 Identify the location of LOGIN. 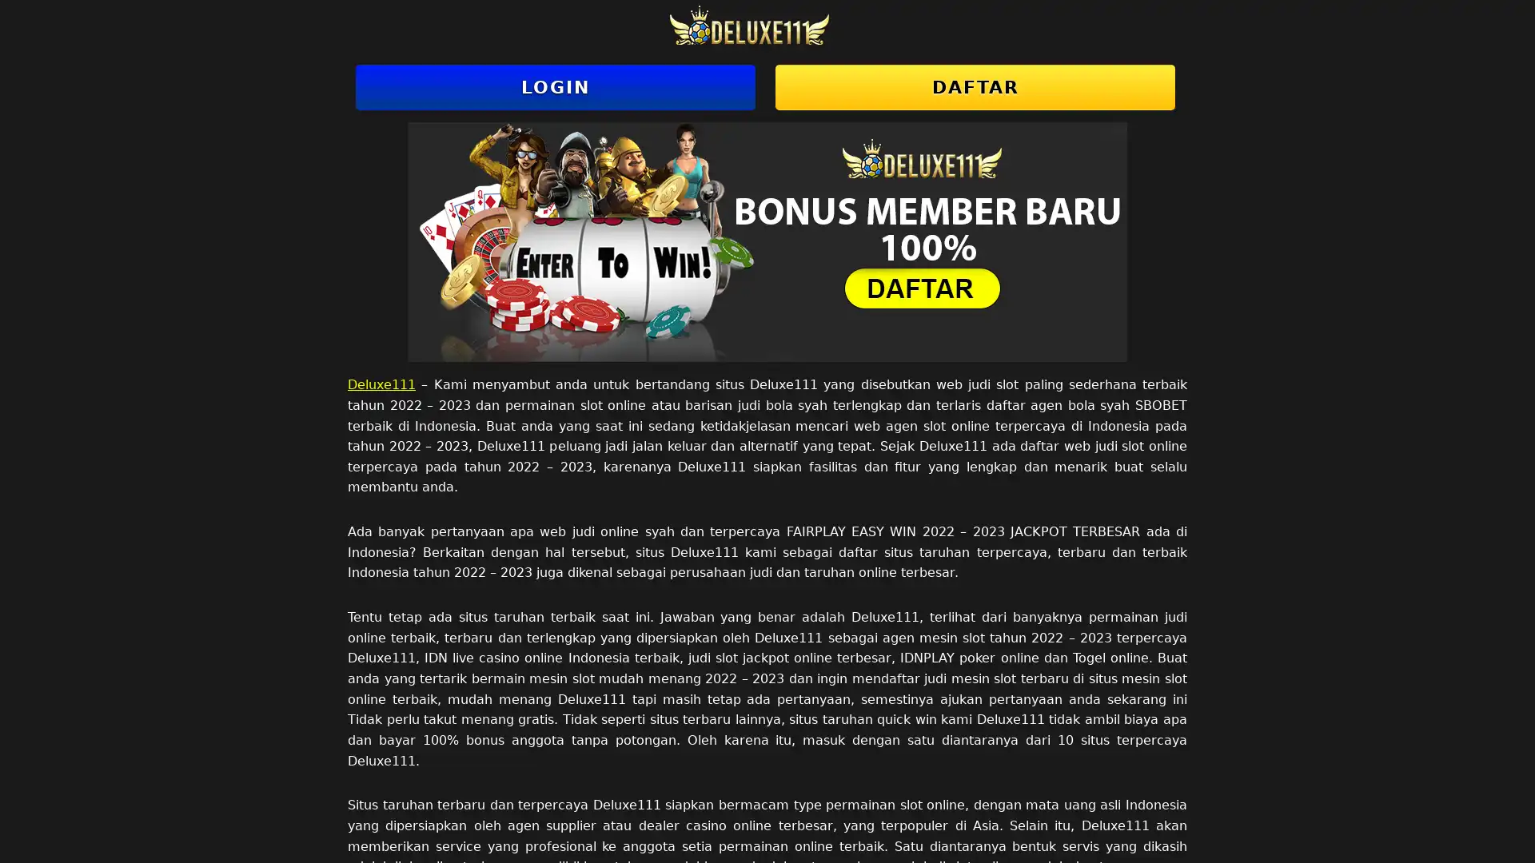
(556, 87).